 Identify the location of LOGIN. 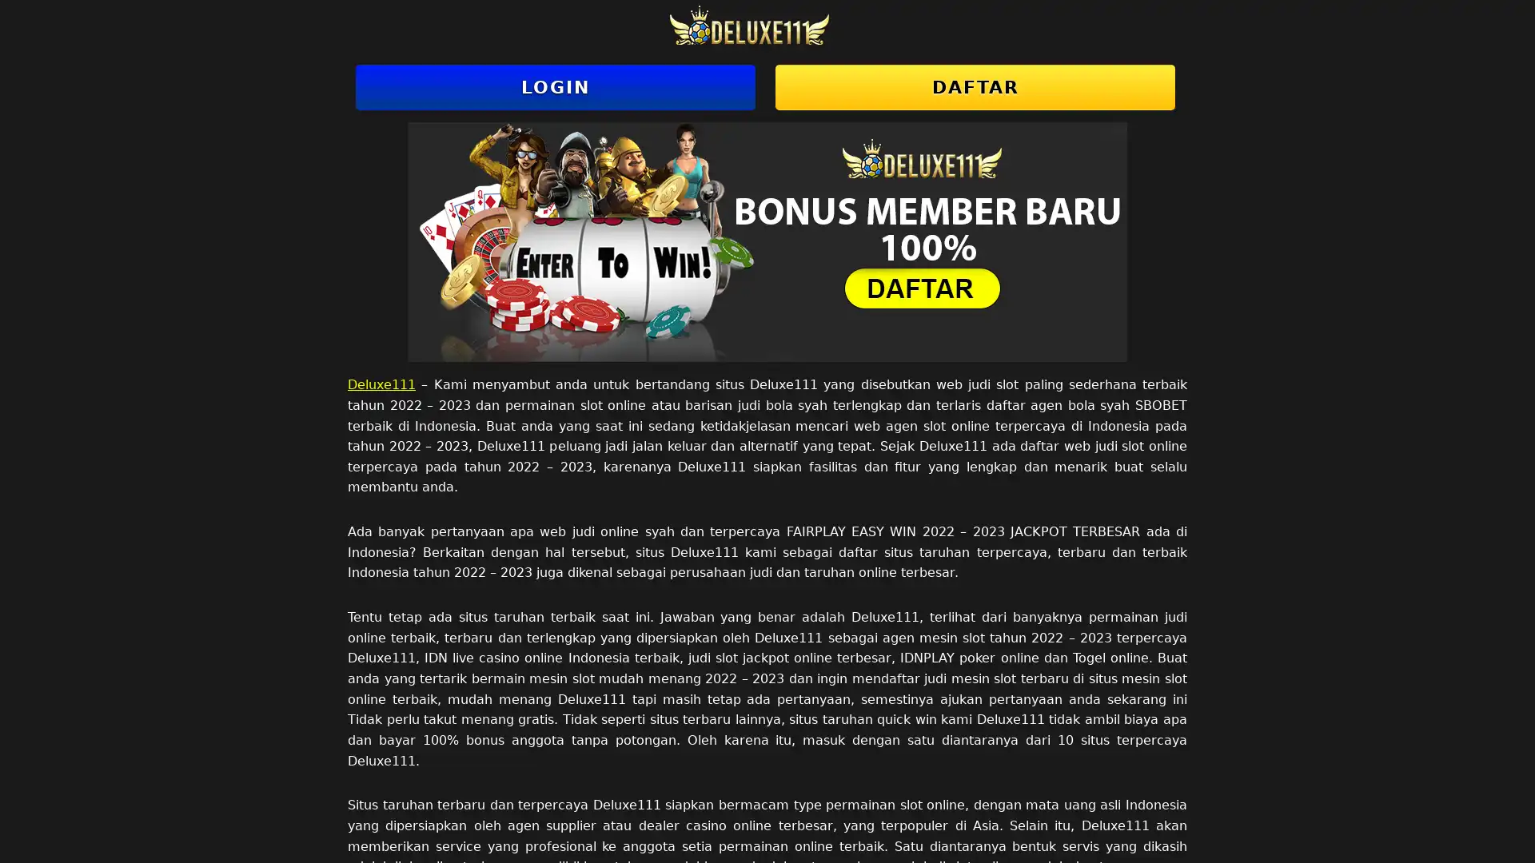
(556, 87).